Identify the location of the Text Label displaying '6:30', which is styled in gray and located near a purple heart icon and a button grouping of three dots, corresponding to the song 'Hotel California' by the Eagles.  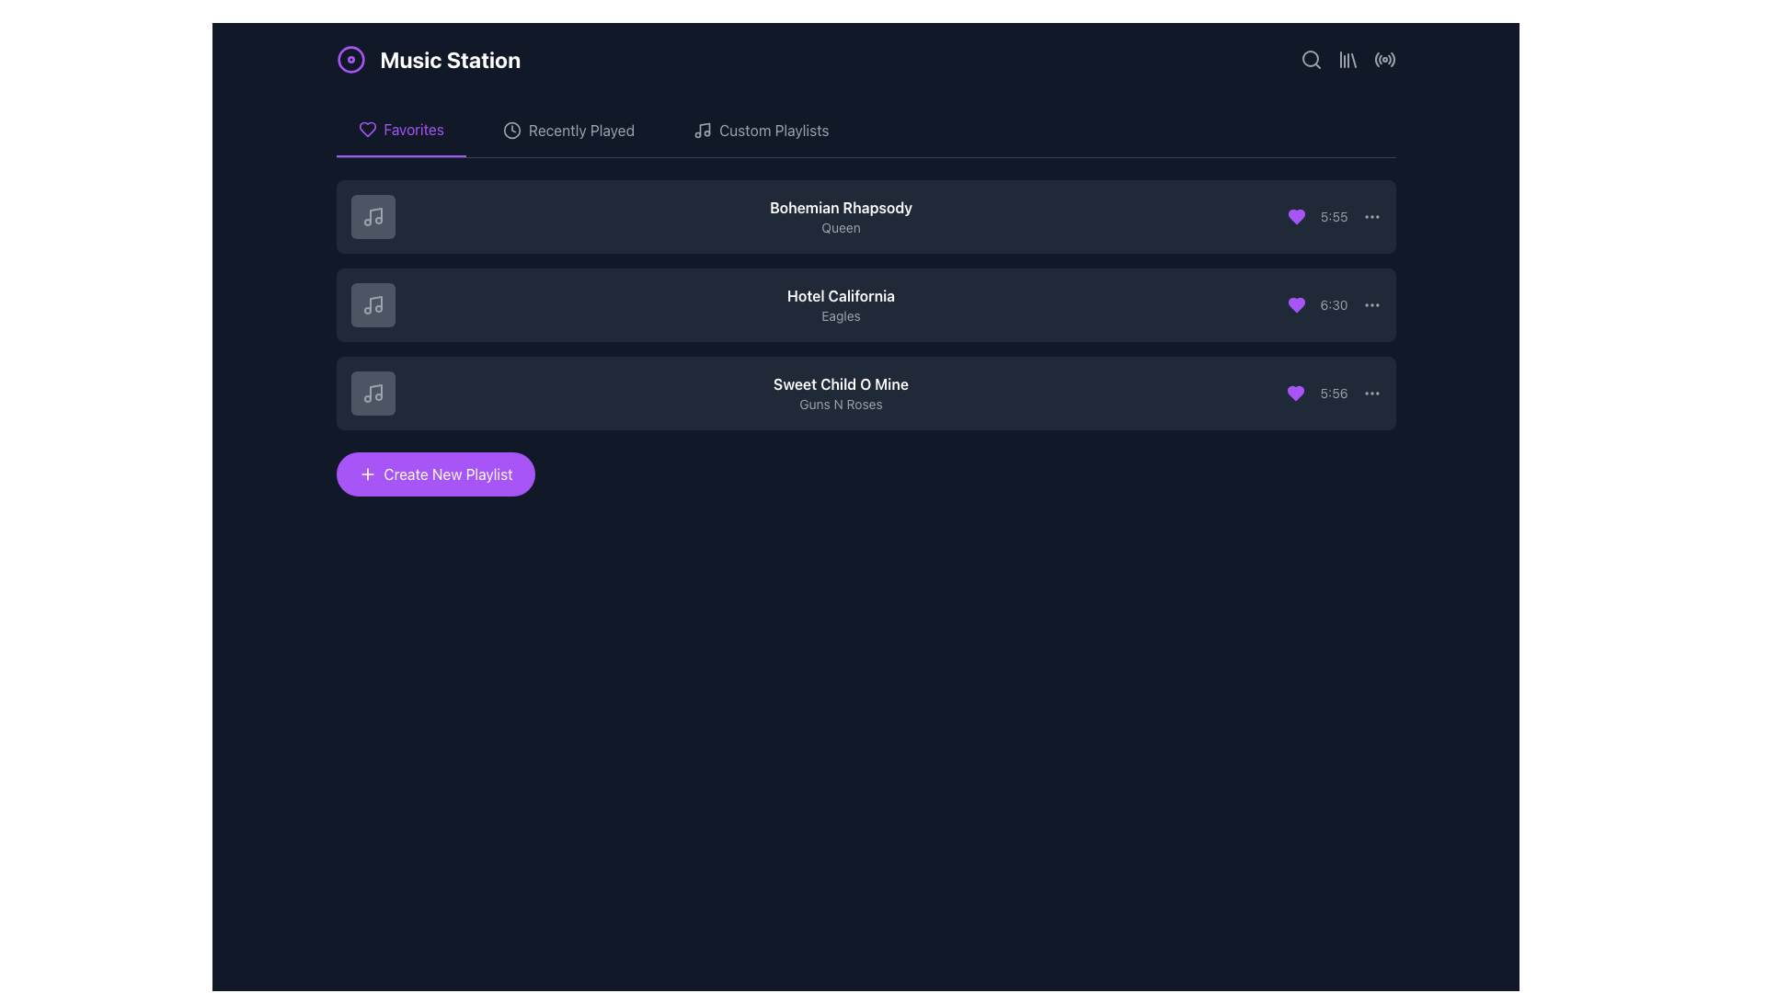
(1334, 303).